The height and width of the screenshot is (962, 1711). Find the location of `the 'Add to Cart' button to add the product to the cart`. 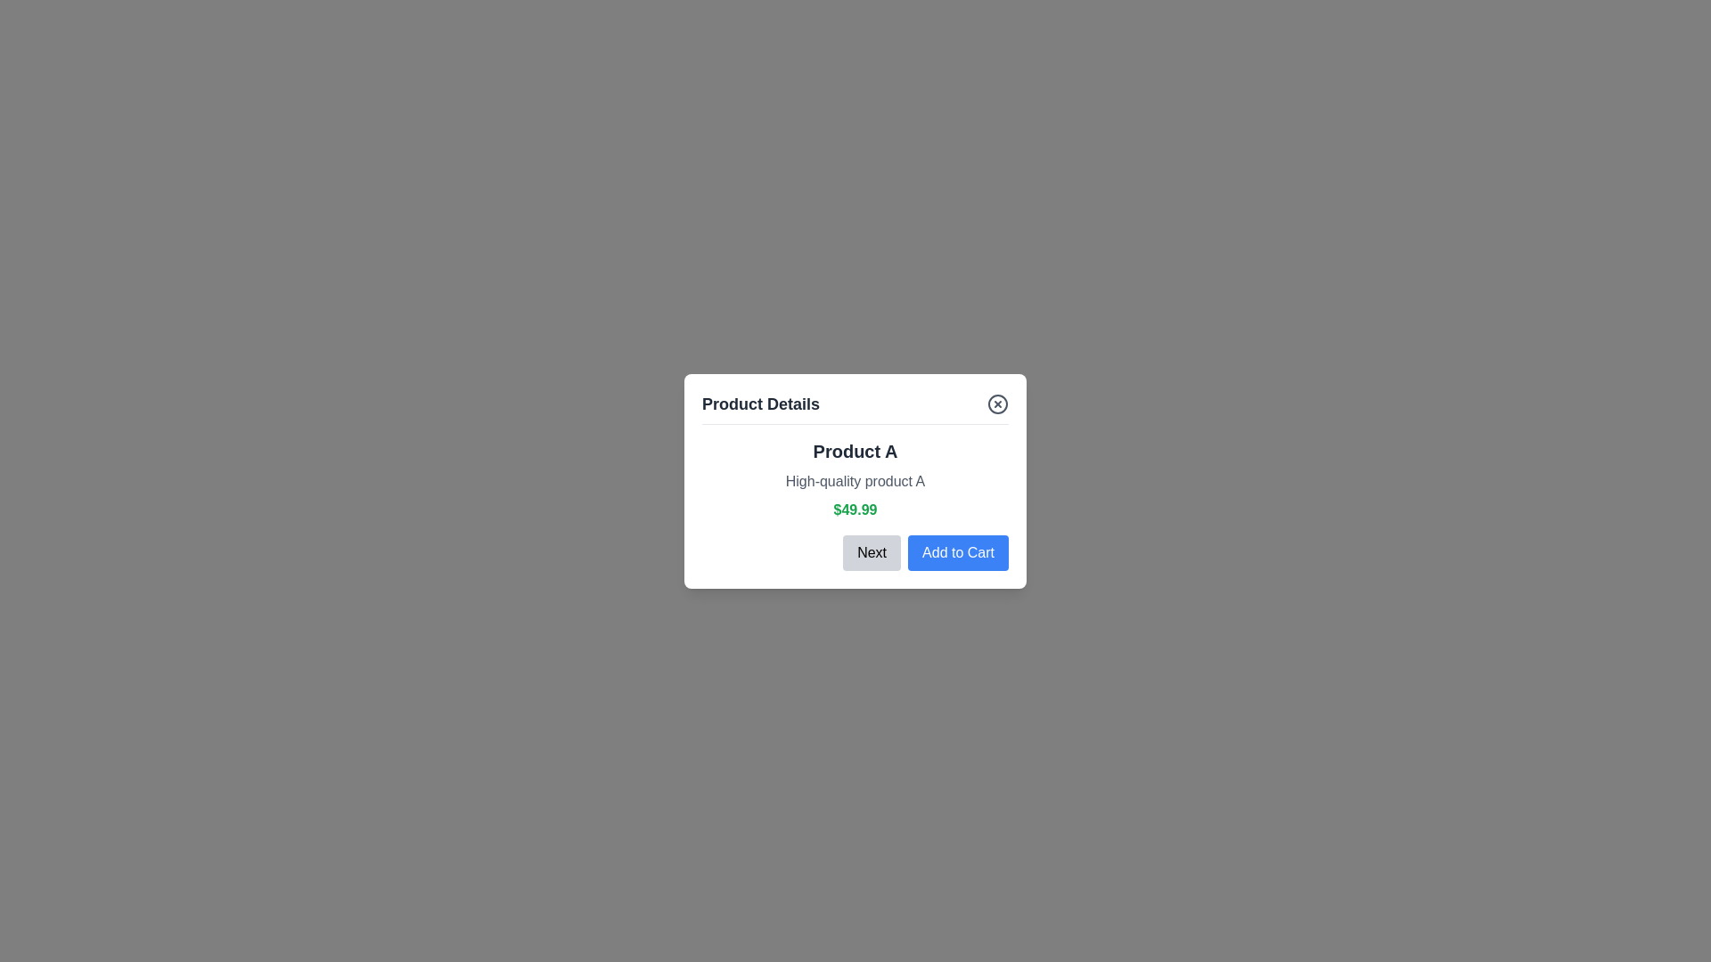

the 'Add to Cart' button to add the product to the cart is located at coordinates (957, 551).